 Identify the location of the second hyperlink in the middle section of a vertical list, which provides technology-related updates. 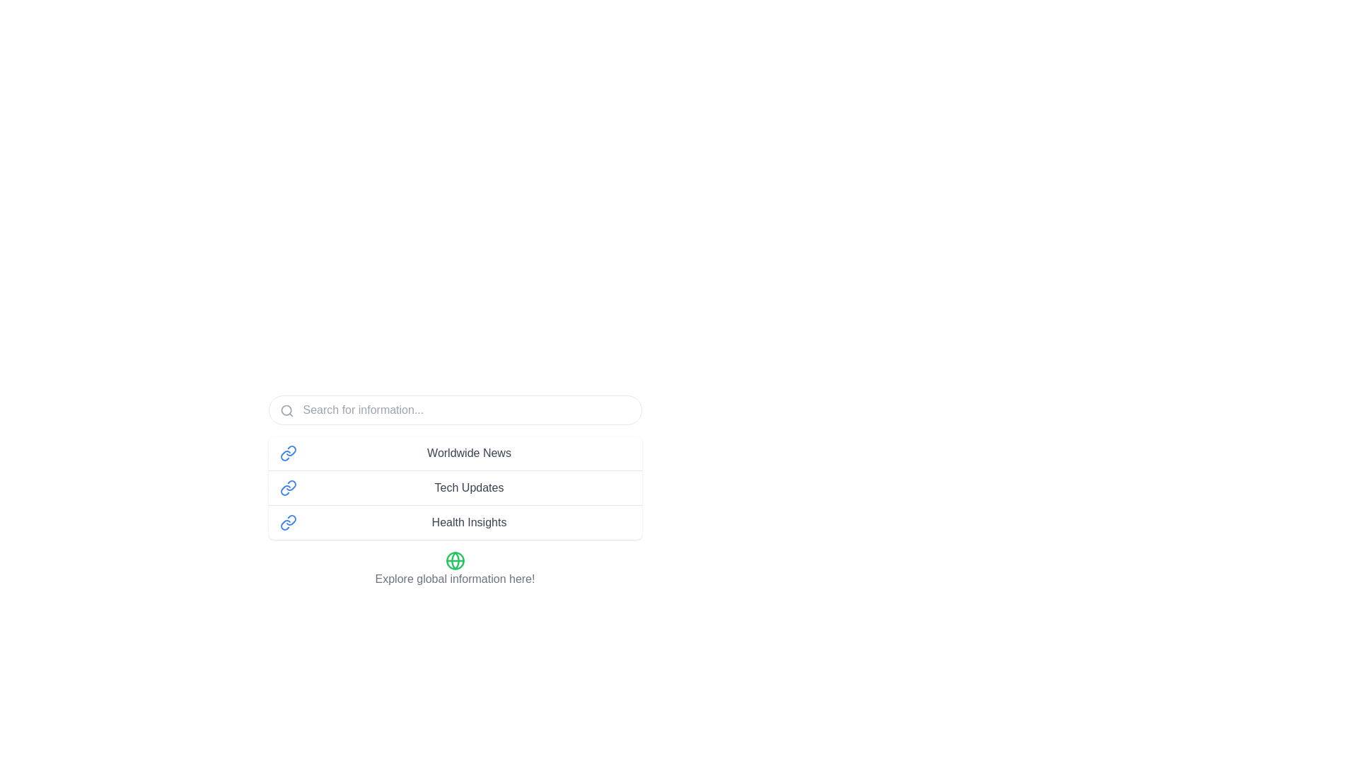
(469, 487).